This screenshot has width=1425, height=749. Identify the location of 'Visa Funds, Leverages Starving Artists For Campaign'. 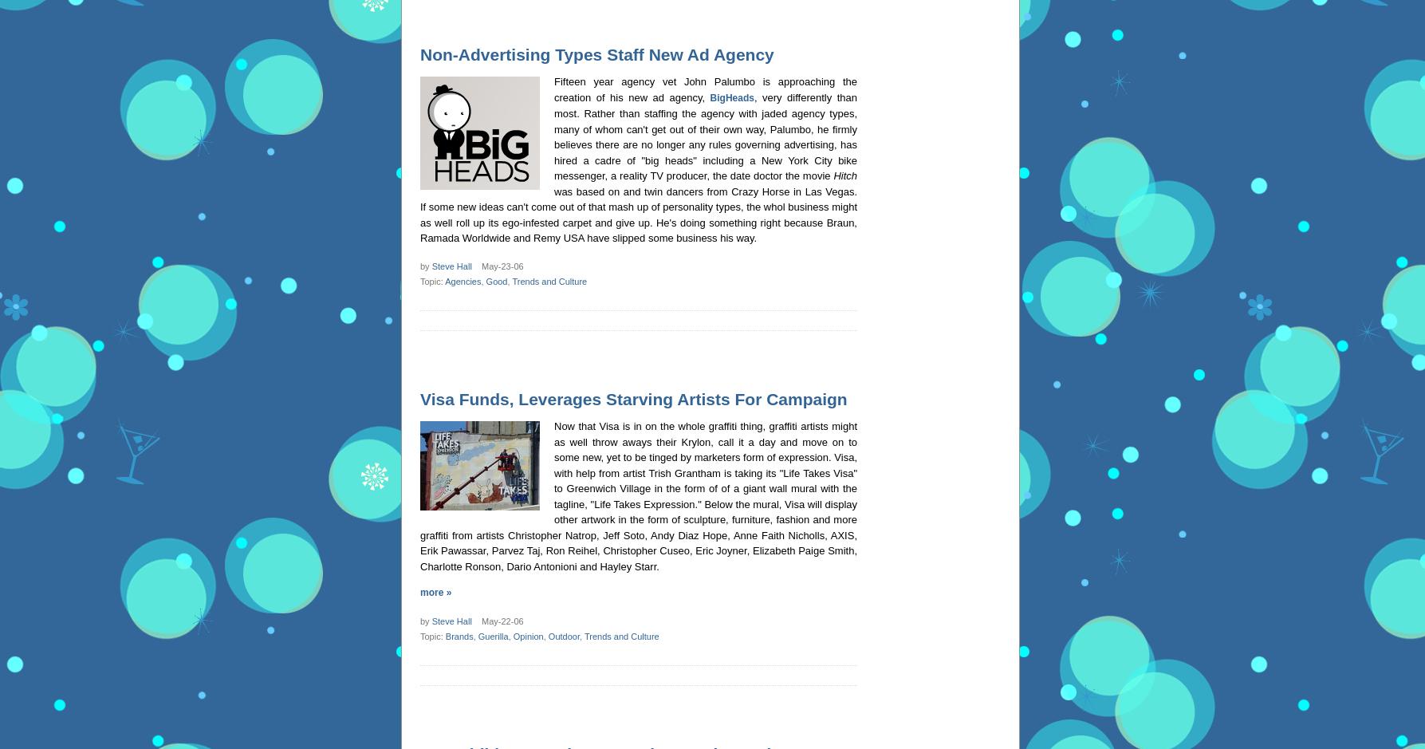
(633, 398).